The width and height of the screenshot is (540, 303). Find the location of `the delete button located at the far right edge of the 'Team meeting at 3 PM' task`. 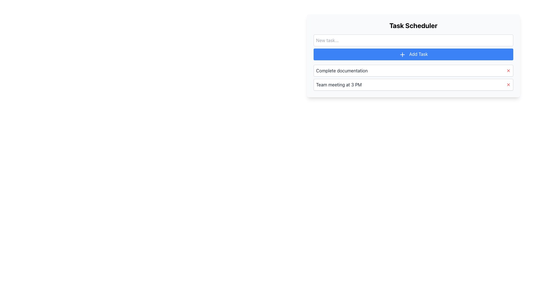

the delete button located at the far right edge of the 'Team meeting at 3 PM' task is located at coordinates (508, 84).